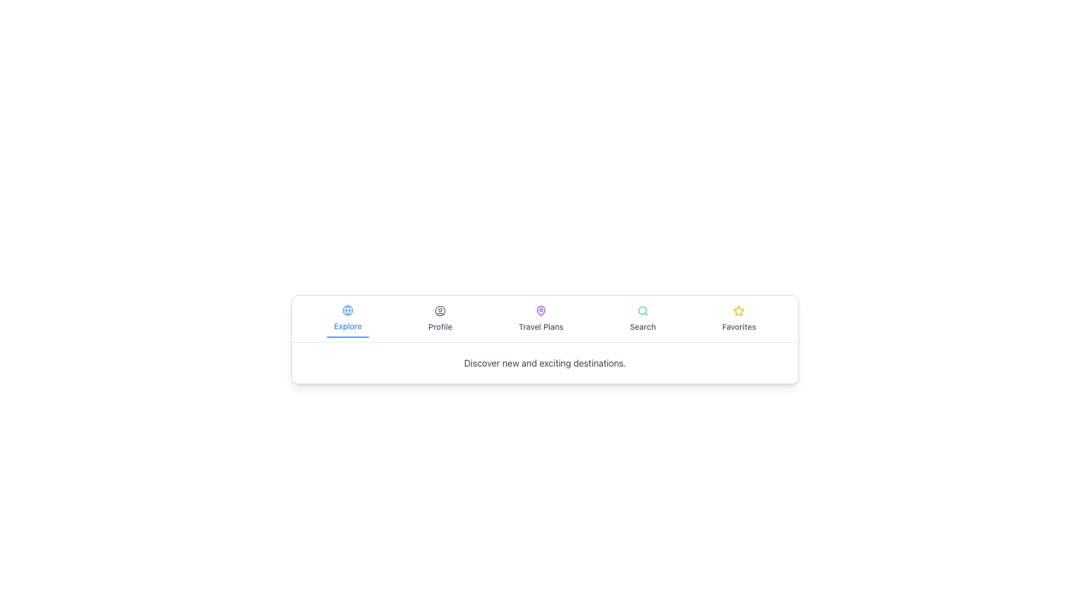 The height and width of the screenshot is (612, 1088). I want to click on the 'Favorites' icon located at the far-right side of the bottom navigation bar, above the 'Favorites' label, so click(739, 311).